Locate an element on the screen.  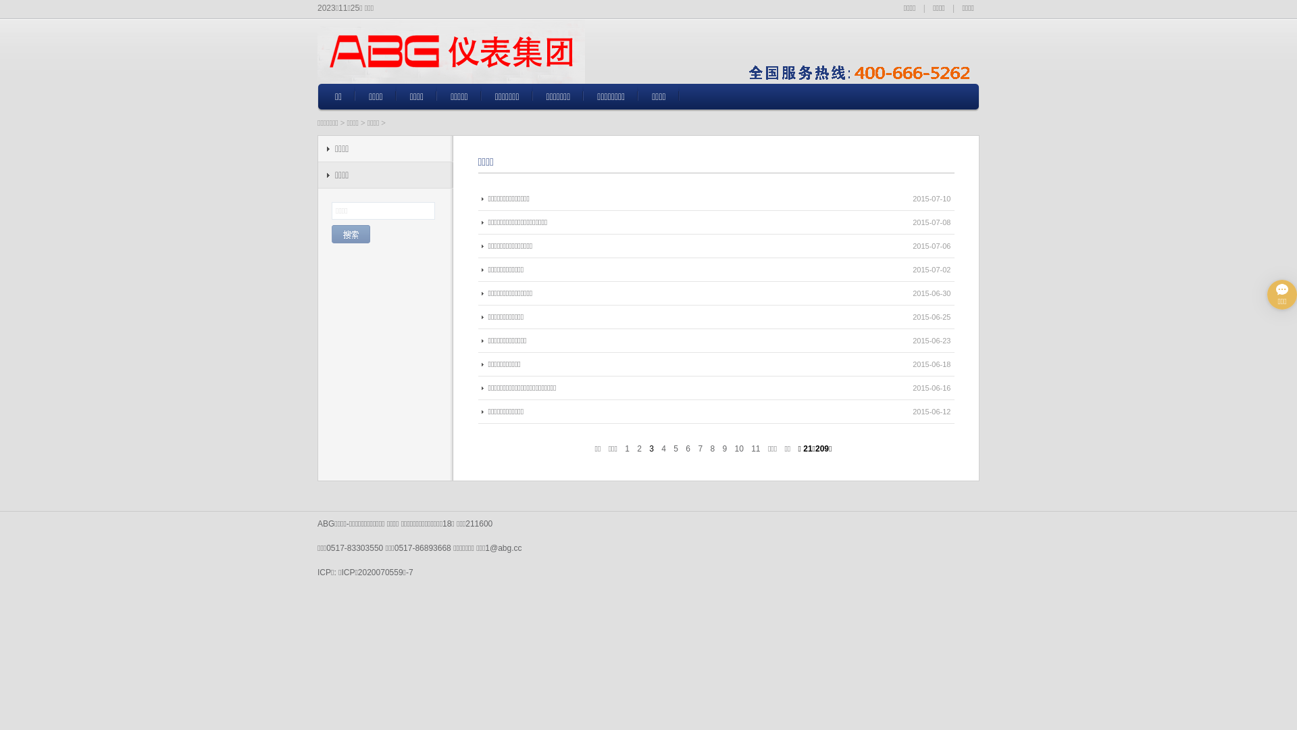
'1' is located at coordinates (626, 448).